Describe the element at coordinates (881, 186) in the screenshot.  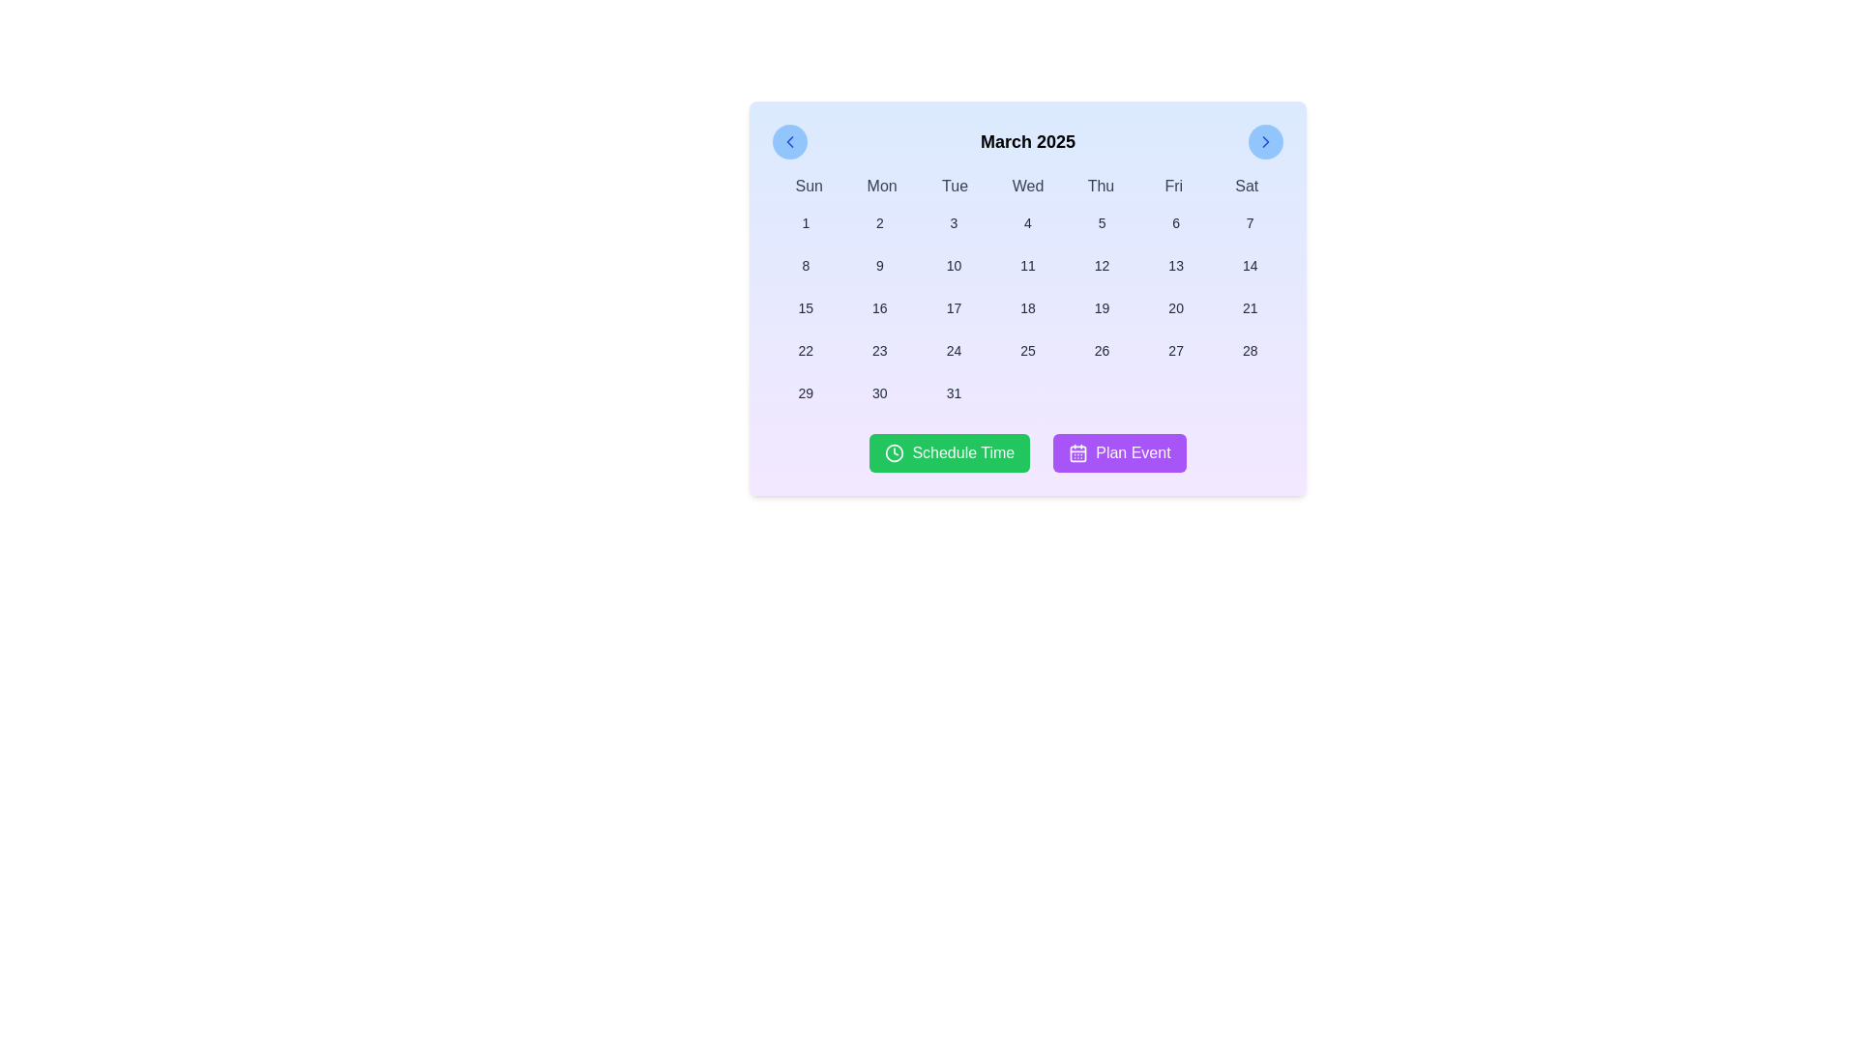
I see `the static text label displaying 'Mon' in the week header row of the calendar interface` at that location.